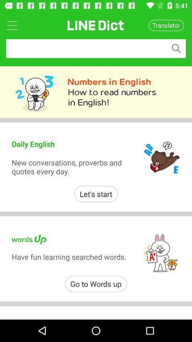 This screenshot has height=342, width=192. I want to click on go to words, so click(96, 284).